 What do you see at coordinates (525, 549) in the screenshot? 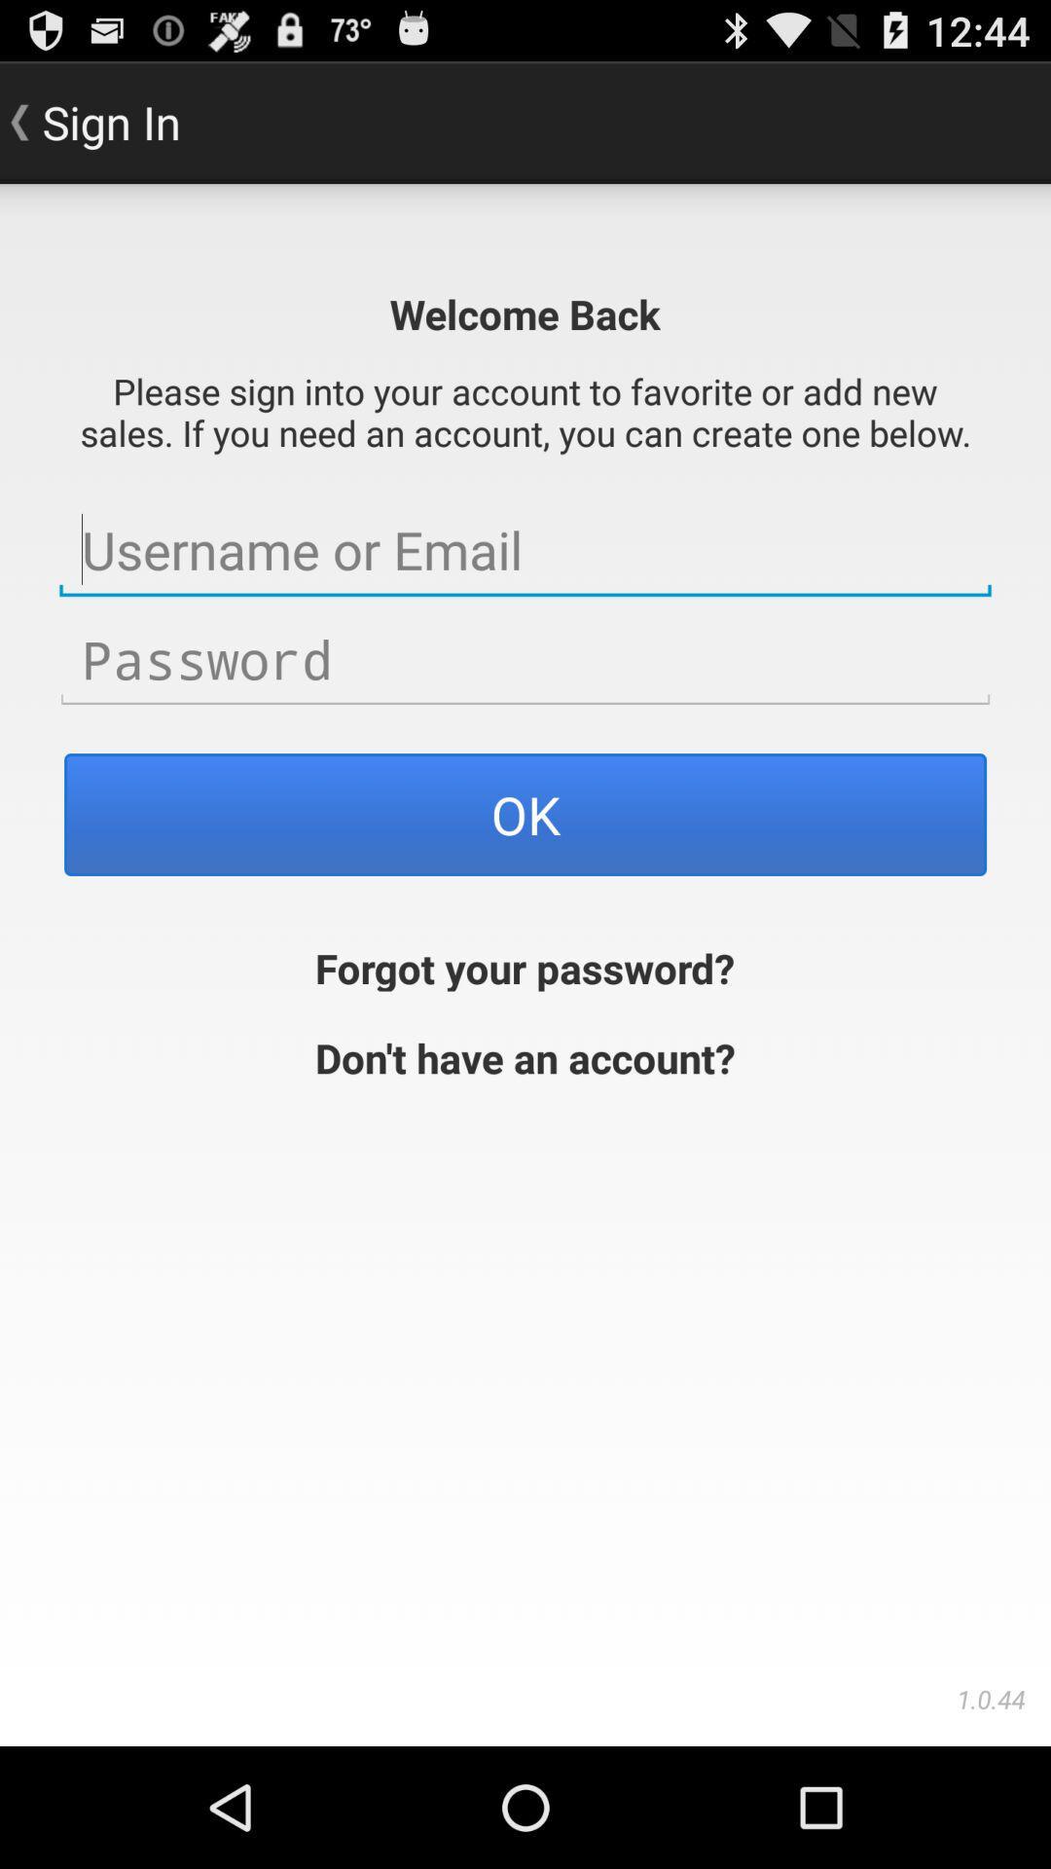
I see `username or email` at bounding box center [525, 549].